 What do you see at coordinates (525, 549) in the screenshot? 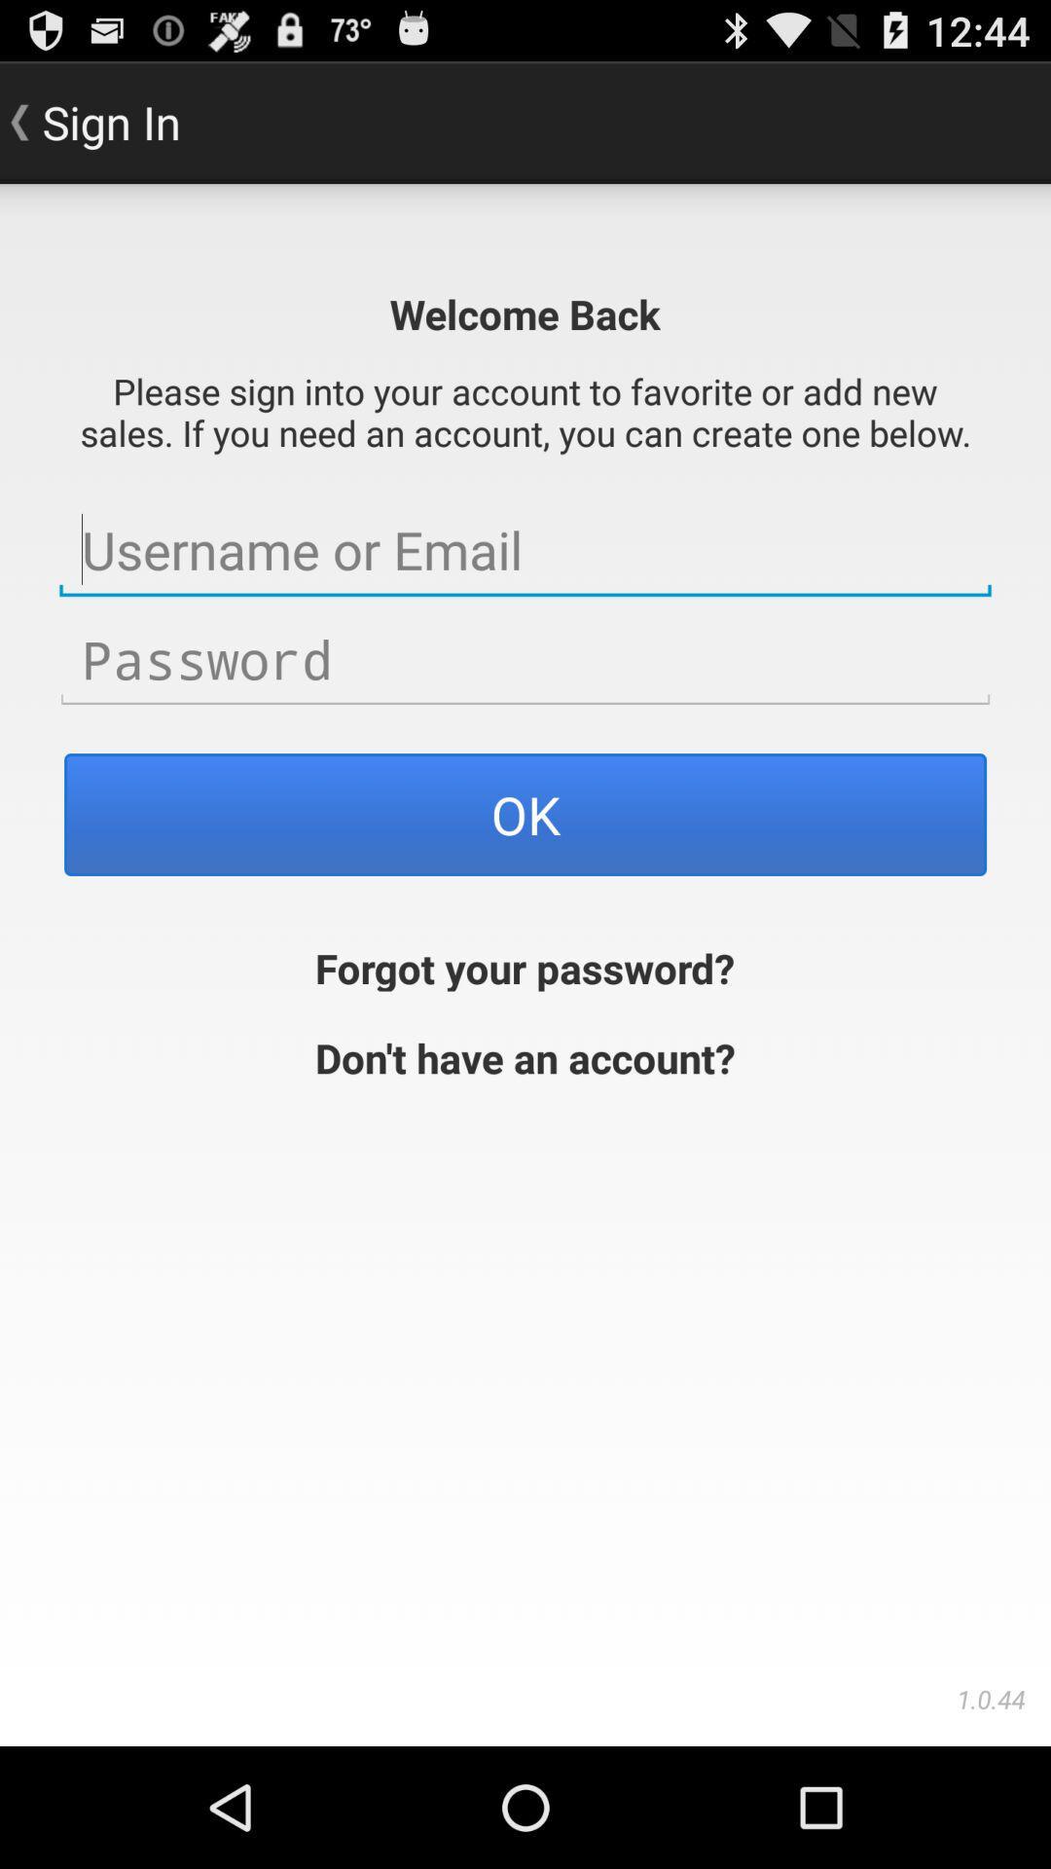
I see `username or email` at bounding box center [525, 549].